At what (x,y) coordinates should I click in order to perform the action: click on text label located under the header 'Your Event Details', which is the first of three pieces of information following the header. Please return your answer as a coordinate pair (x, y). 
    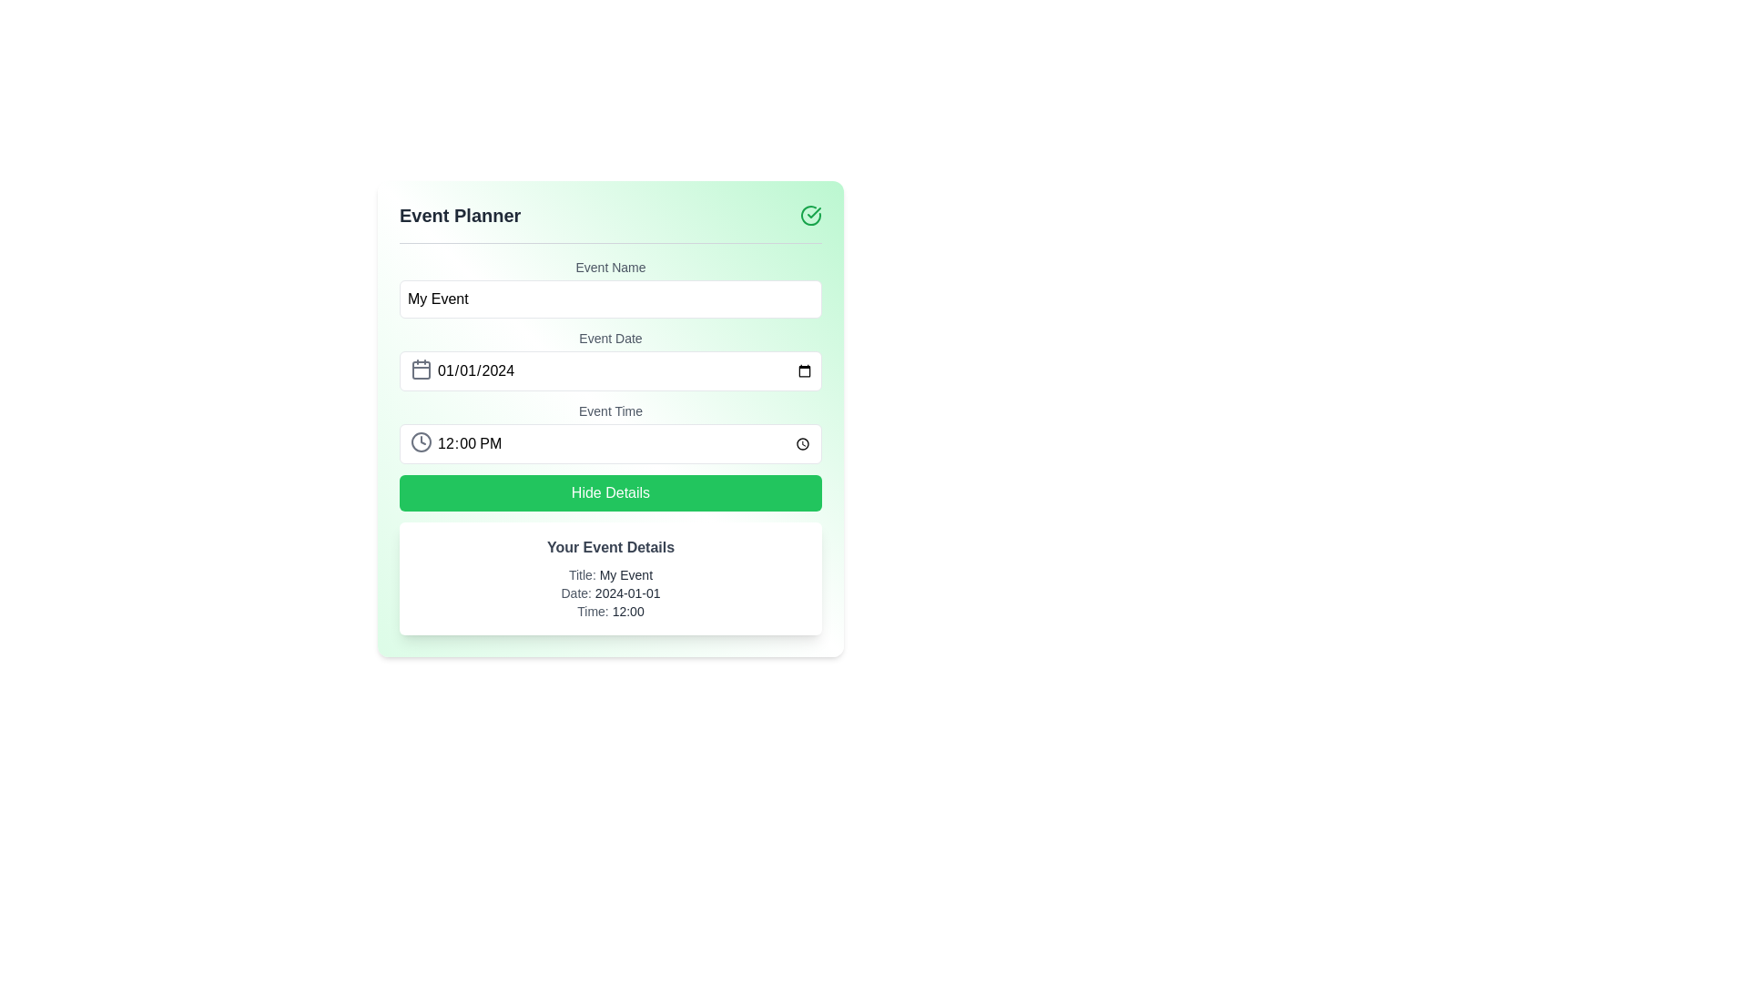
    Looking at the image, I should click on (611, 575).